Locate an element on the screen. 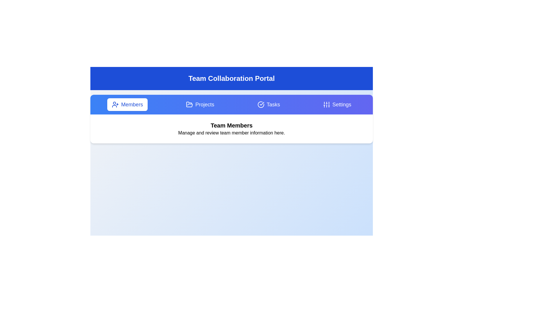 The width and height of the screenshot is (558, 313). one of the menu items in the Navigation Bar located below the title 'Team Collaboration Portal' is located at coordinates (231, 105).